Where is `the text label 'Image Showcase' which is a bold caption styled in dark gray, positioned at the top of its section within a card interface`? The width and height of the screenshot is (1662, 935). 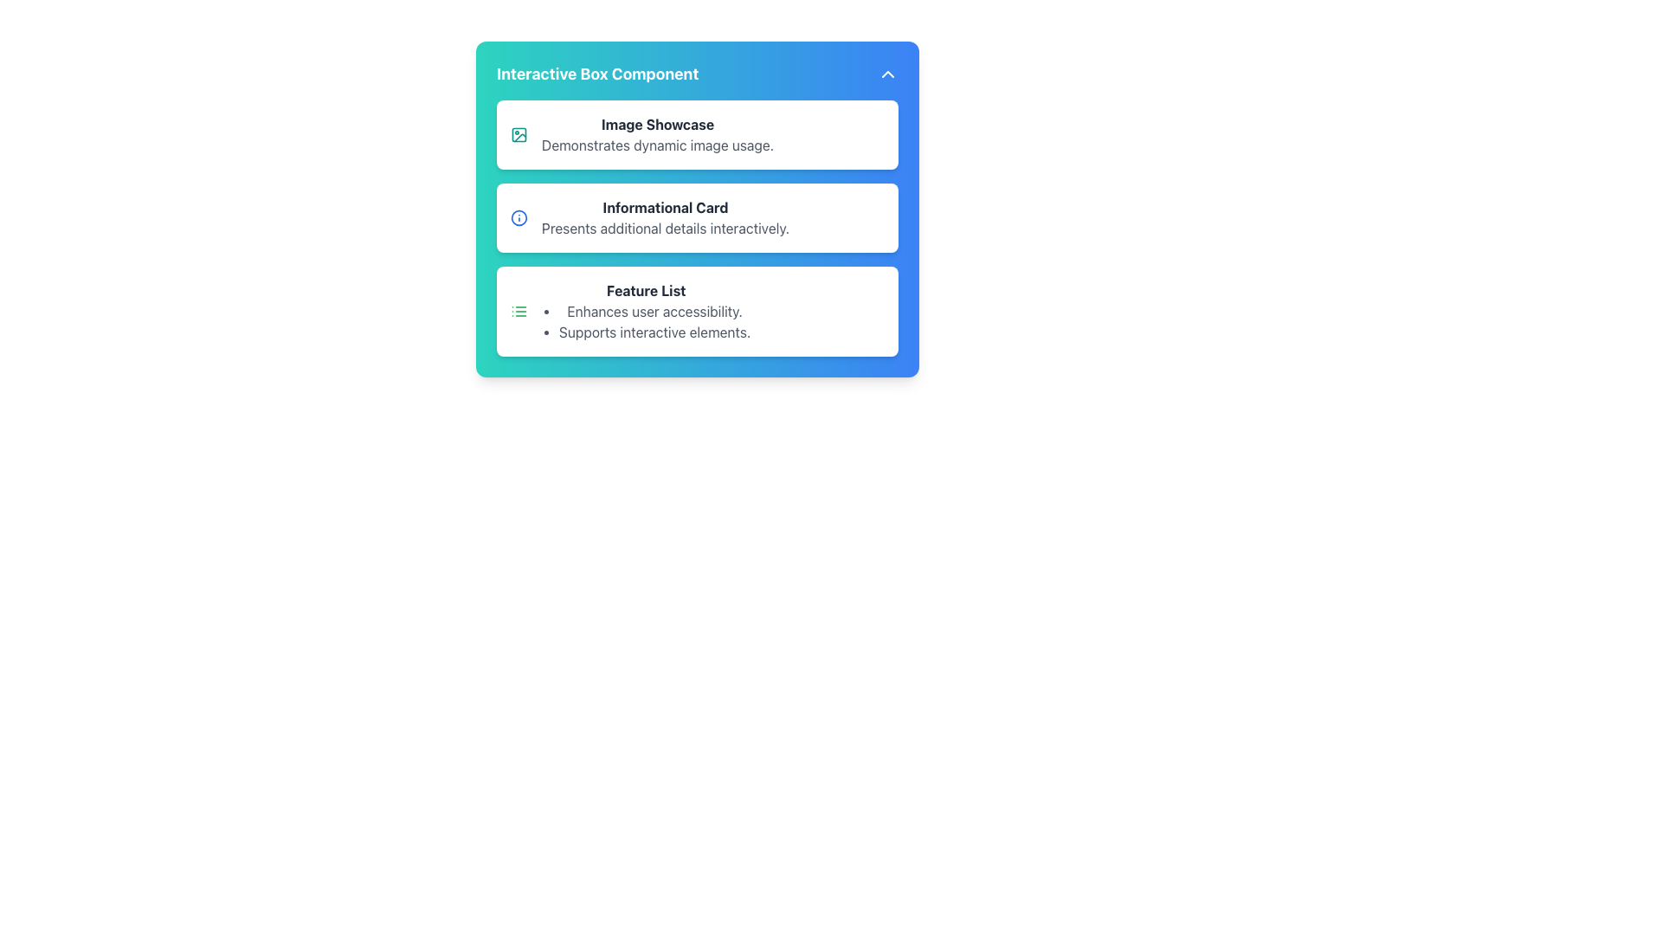 the text label 'Image Showcase' which is a bold caption styled in dark gray, positioned at the top of its section within a card interface is located at coordinates (657, 123).